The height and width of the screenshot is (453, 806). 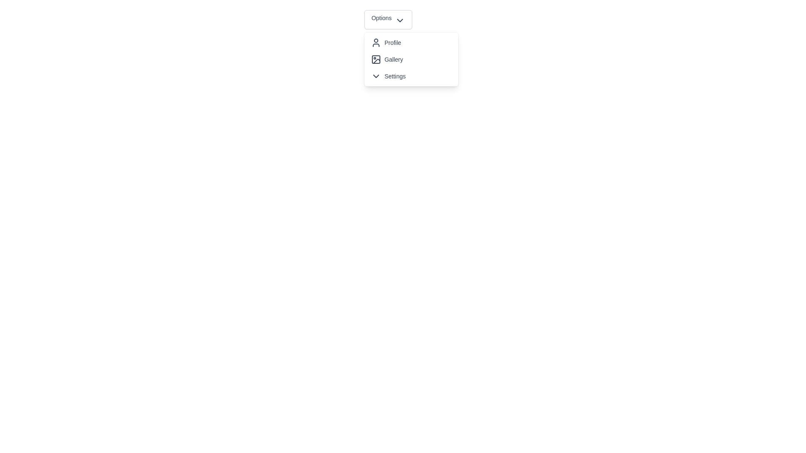 What do you see at coordinates (375, 42) in the screenshot?
I see `the user icon depicted as a silhouette of a head and shoulders, which is part of the dropdown menu under the 'Profile' option` at bounding box center [375, 42].